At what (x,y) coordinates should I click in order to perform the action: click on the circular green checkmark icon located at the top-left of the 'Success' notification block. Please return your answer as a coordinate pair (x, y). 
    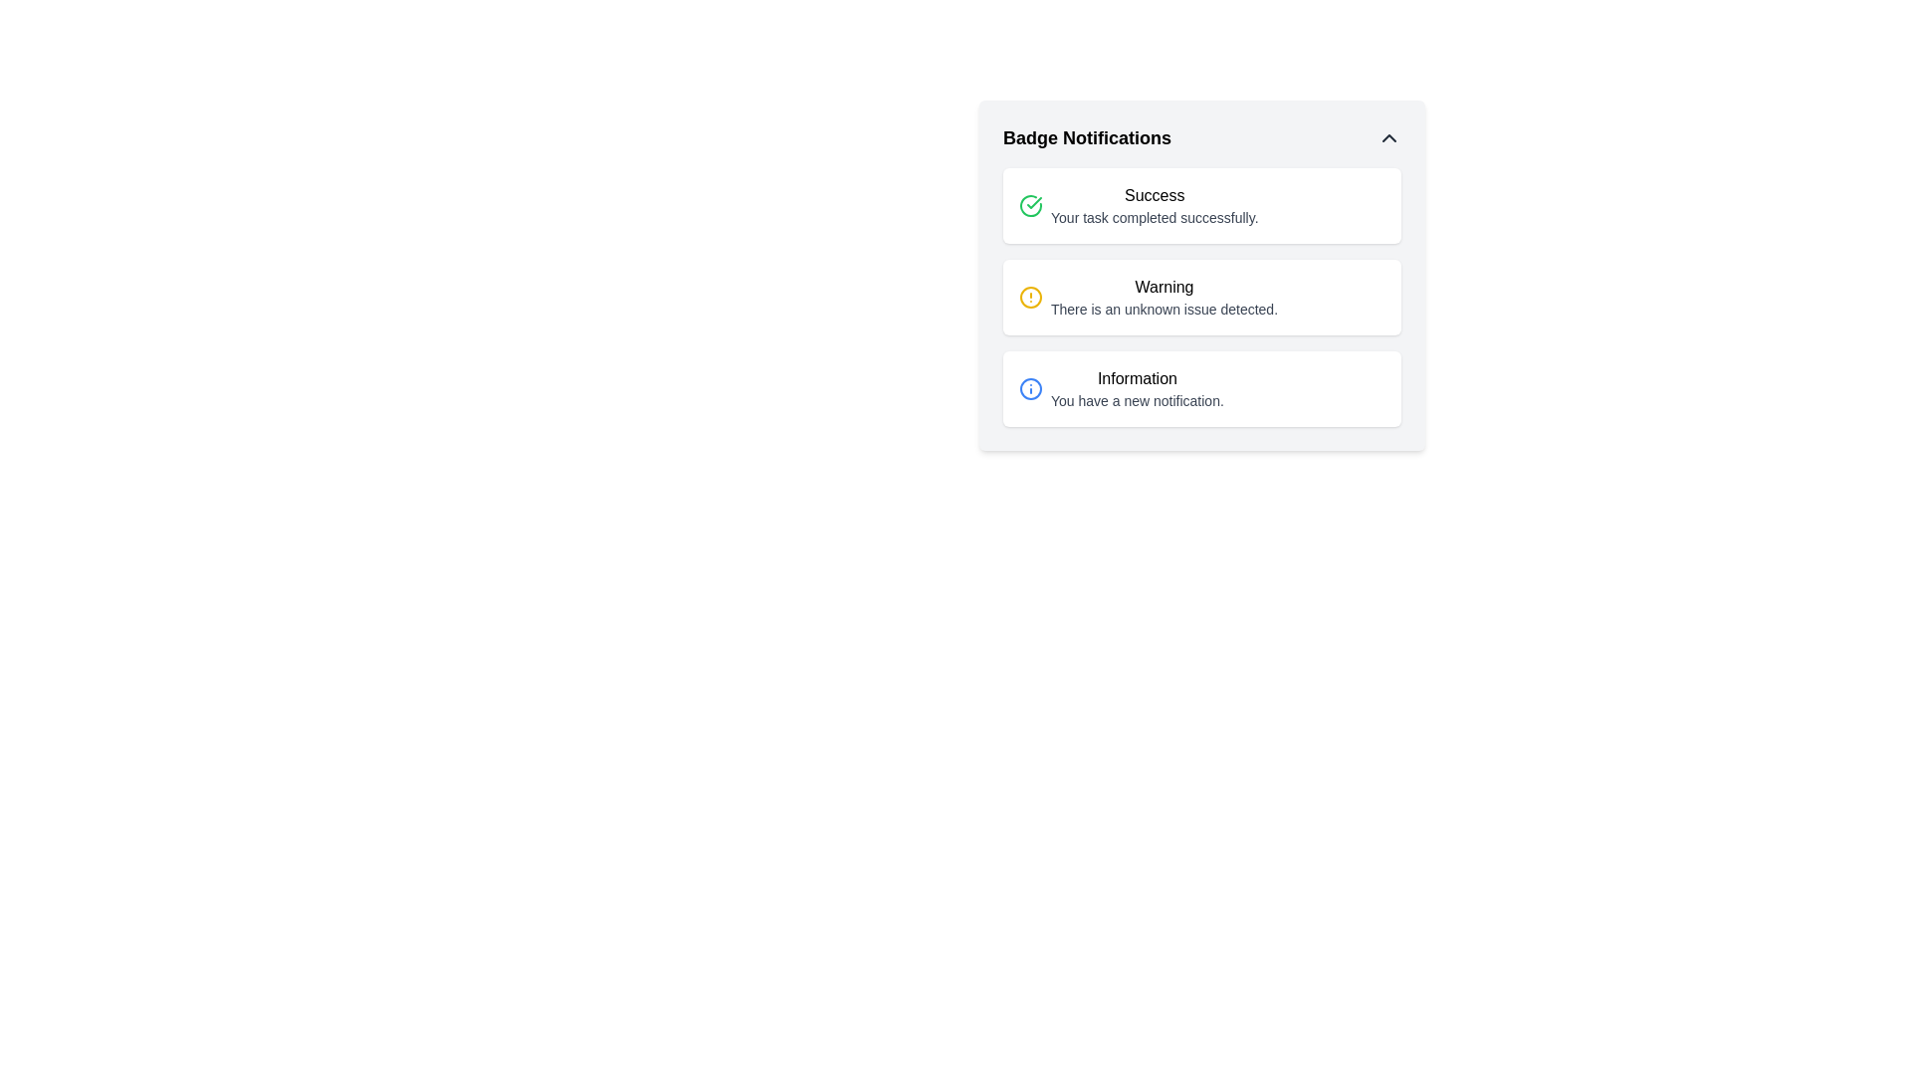
    Looking at the image, I should click on (1031, 206).